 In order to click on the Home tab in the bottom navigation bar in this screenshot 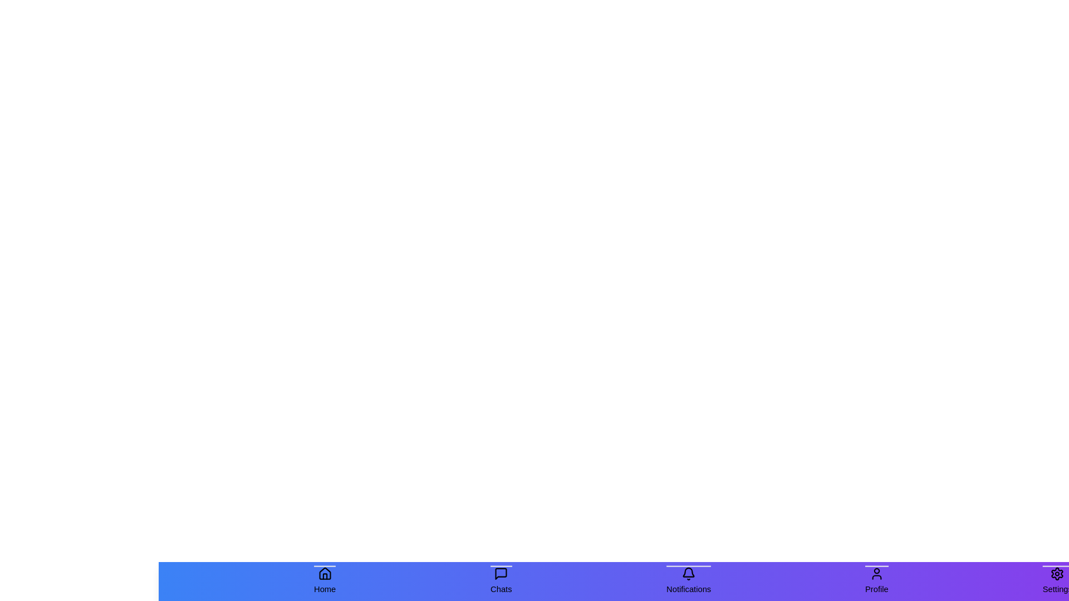, I will do `click(324, 581)`.